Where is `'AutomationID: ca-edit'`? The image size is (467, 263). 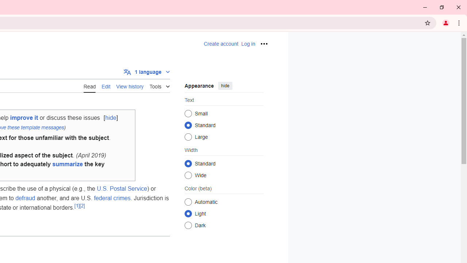 'AutomationID: ca-edit' is located at coordinates (105, 85).